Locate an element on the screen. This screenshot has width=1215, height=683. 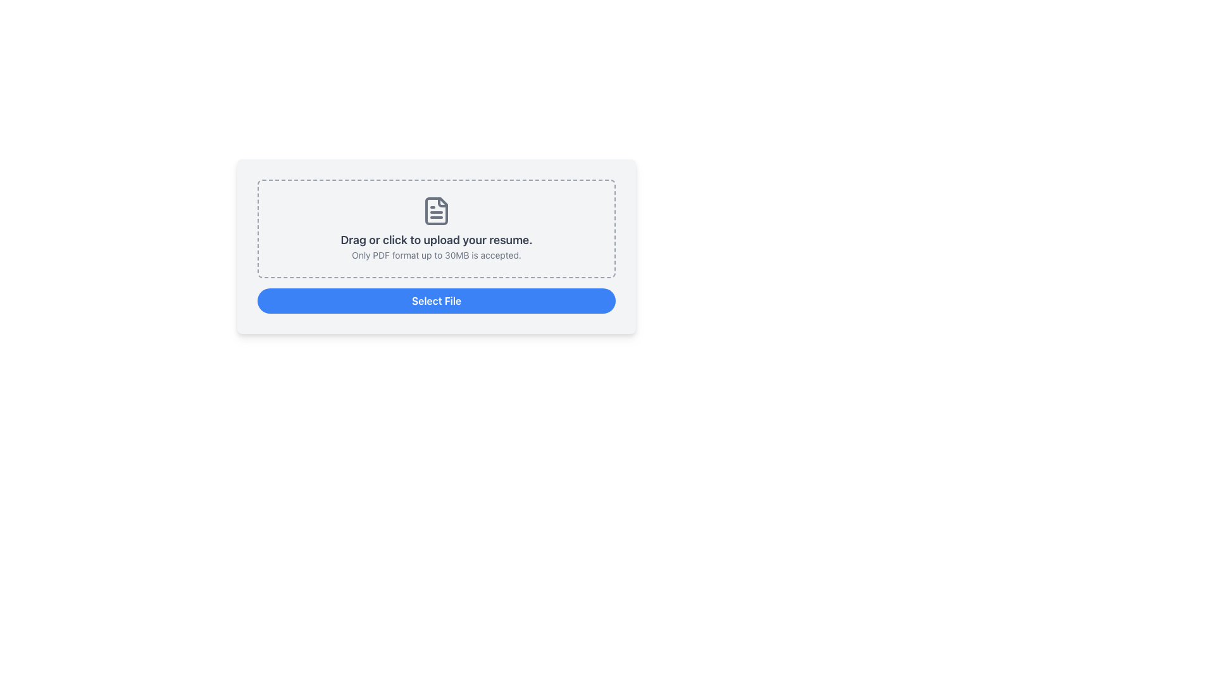
the graphical SVG shape that resembles a paper sheet with a folded corner, which represents a textual document, located in the center of a light grey box above the text 'Drag or click to upload your resume.' is located at coordinates (437, 211).